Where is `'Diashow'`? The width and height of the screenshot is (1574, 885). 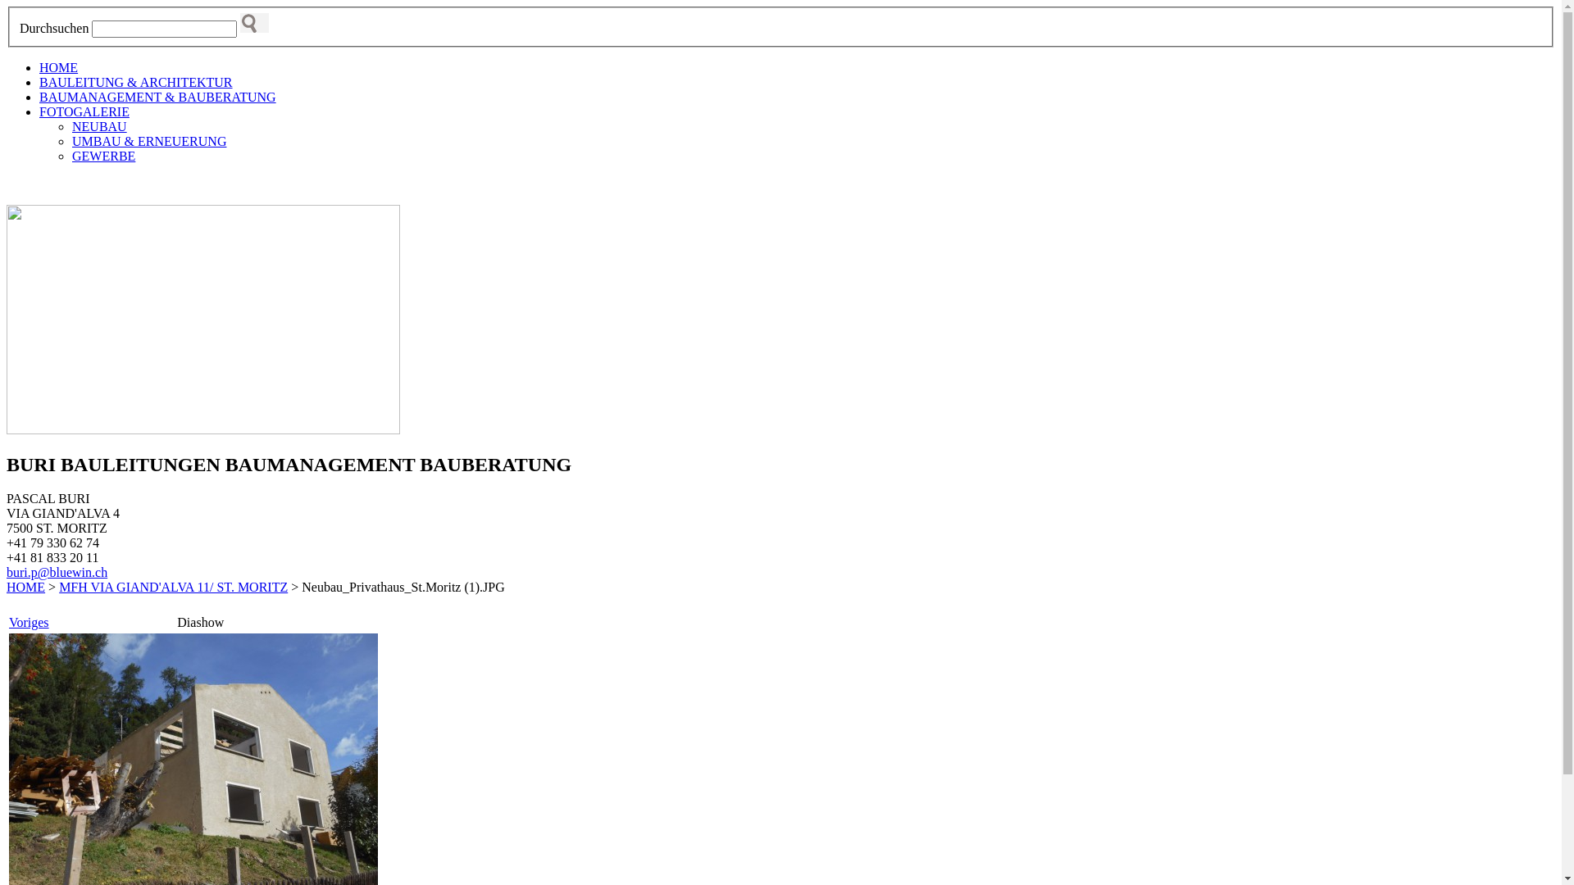
'Diashow' is located at coordinates (199, 622).